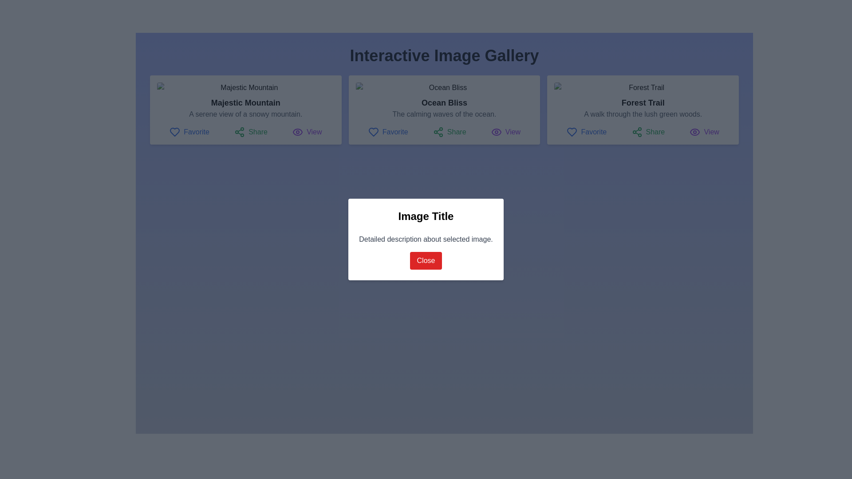  I want to click on the 'Share' button located in the second section from the left under the header 'Forest Trail', so click(648, 132).